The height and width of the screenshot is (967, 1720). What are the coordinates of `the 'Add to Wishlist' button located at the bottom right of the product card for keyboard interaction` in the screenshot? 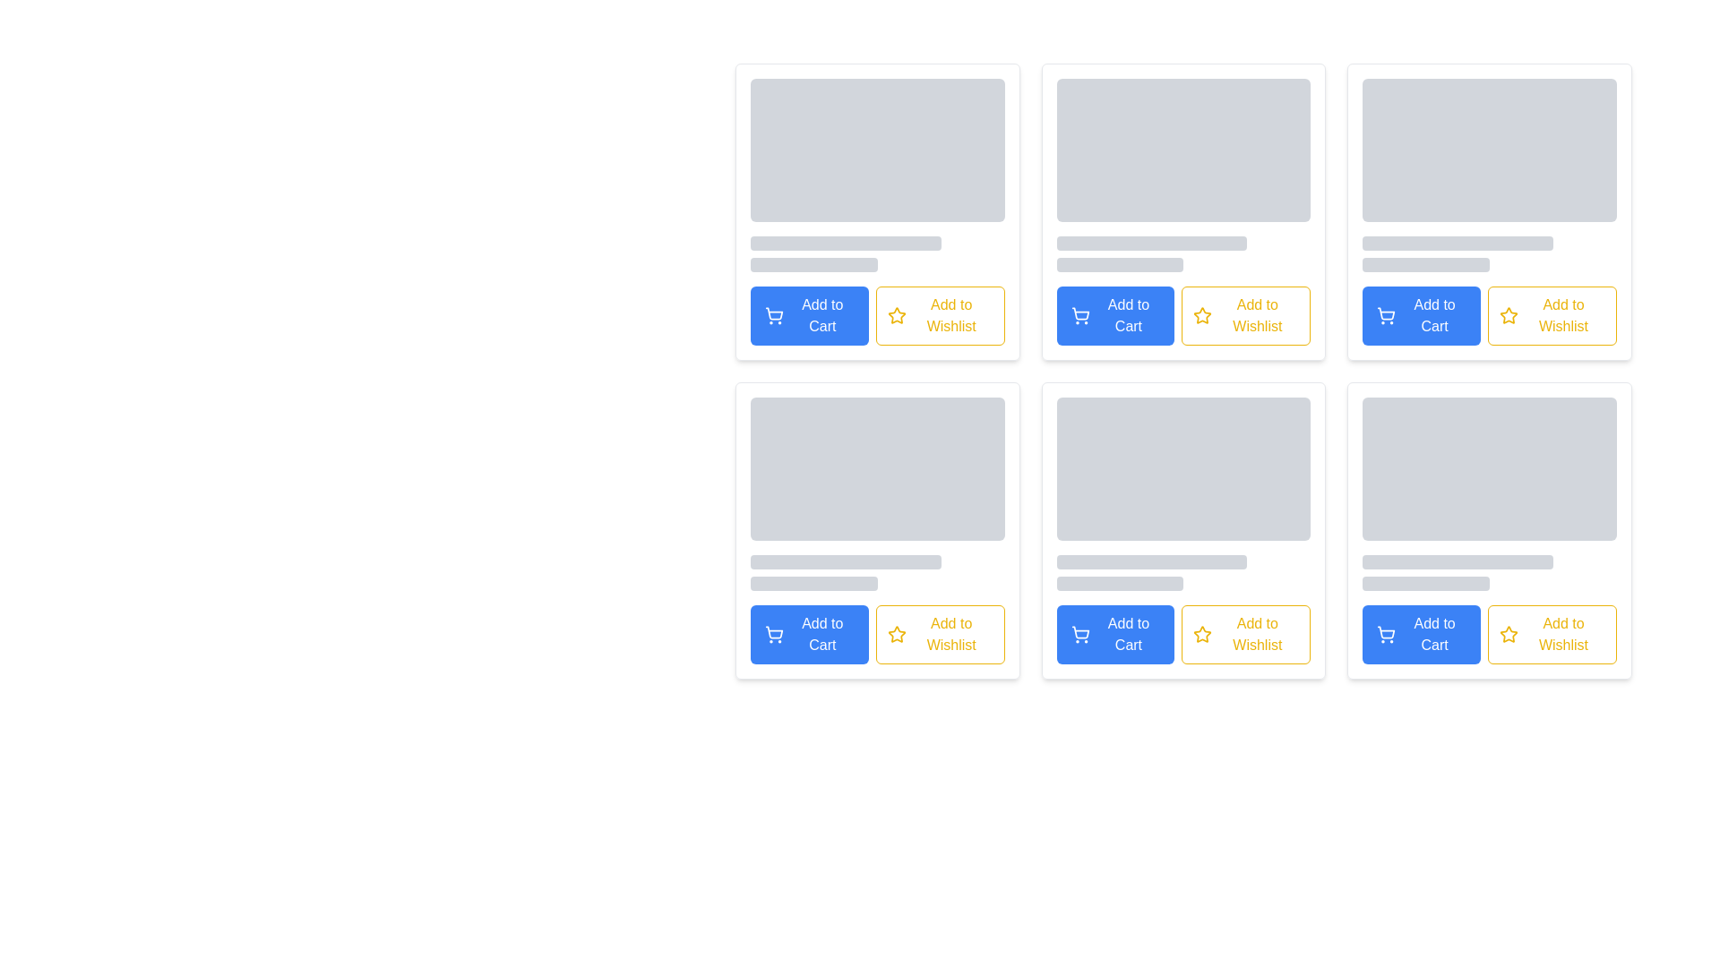 It's located at (1551, 634).